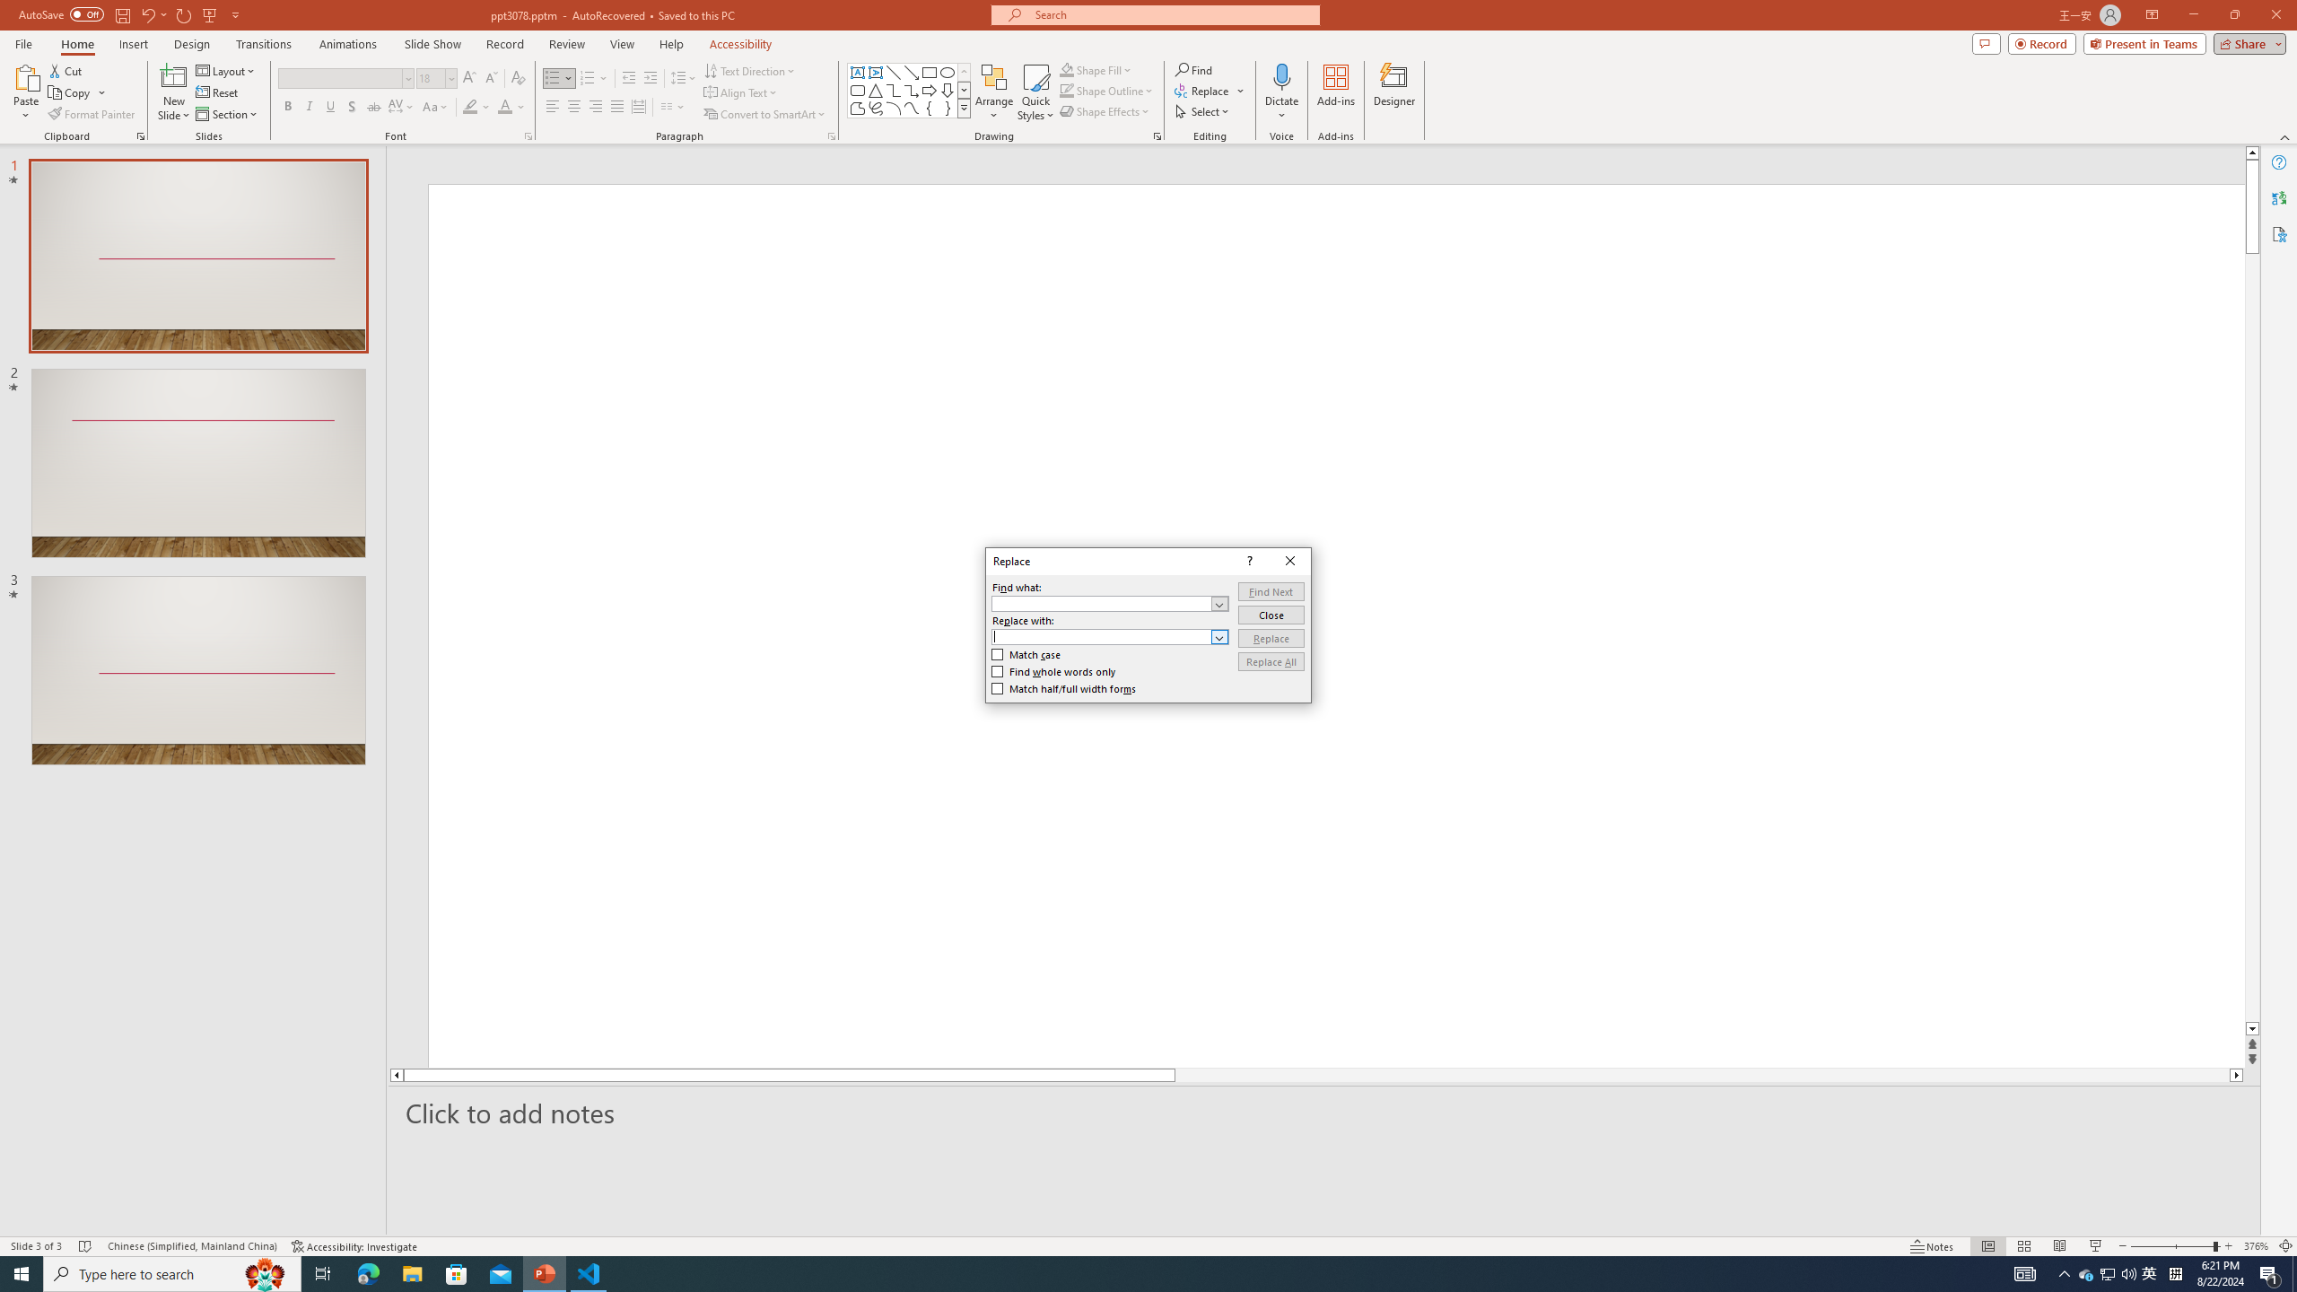  I want to click on 'Paragraph...', so click(830, 135).